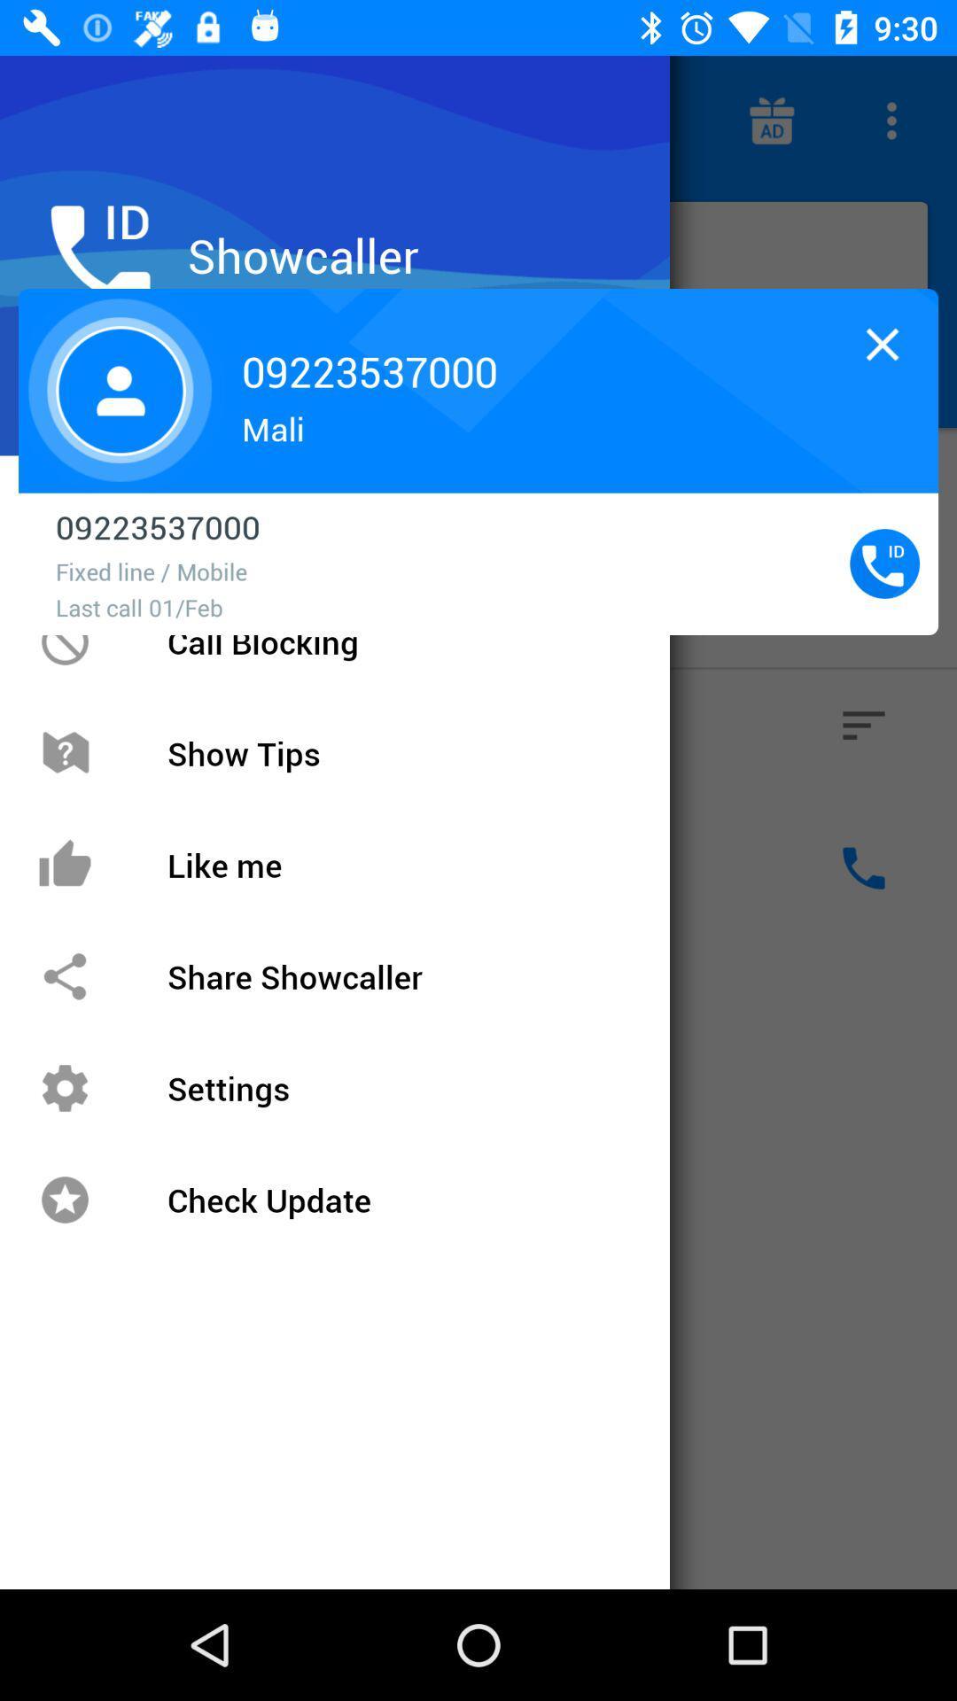 Image resolution: width=957 pixels, height=1701 pixels. I want to click on the more icon, so click(891, 120).